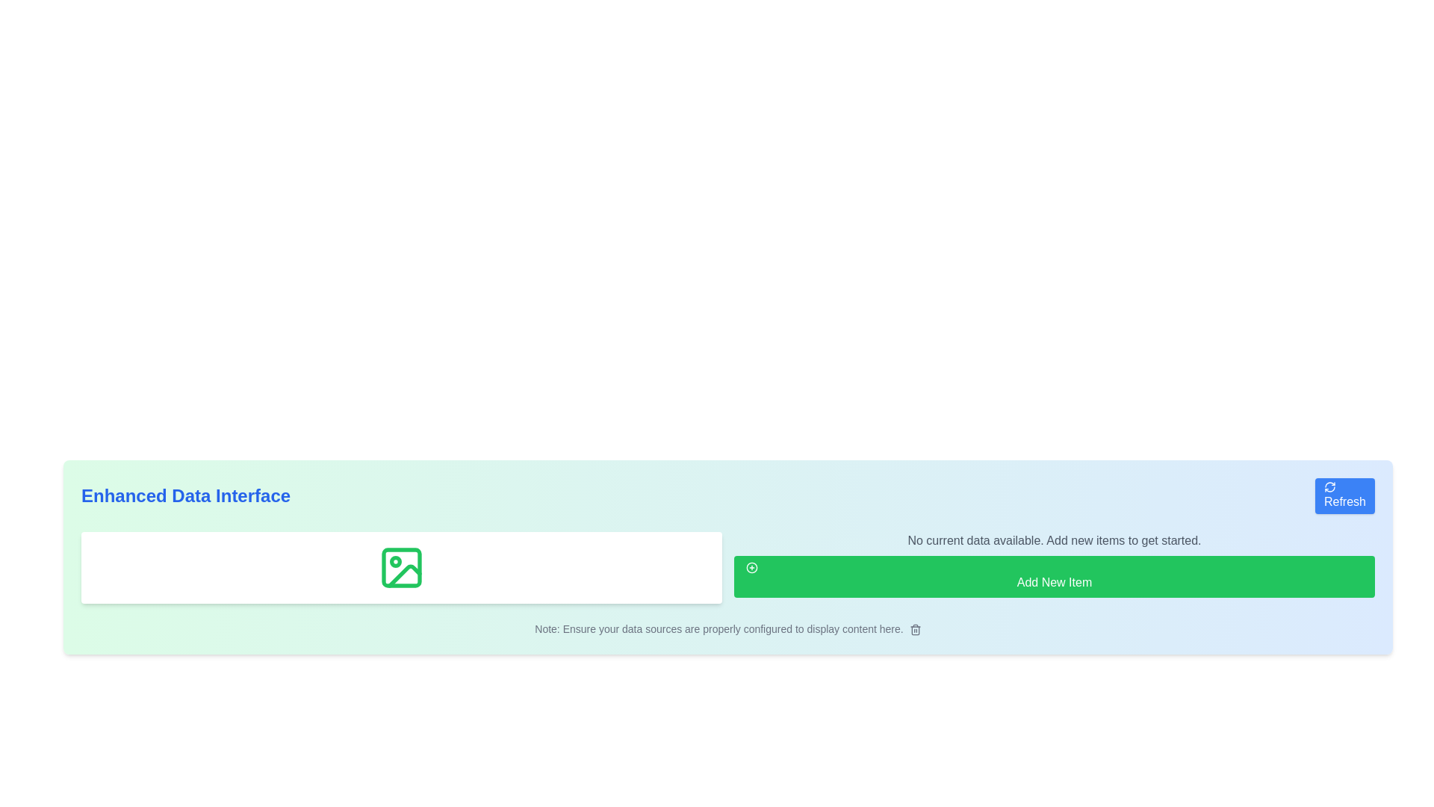 The image size is (1434, 807). Describe the element at coordinates (401, 567) in the screenshot. I see `the Icon button placeholder, which is a rectangular button with rounded corners and a green camera icon, located under the heading 'Enhanced Data Interface'` at that location.